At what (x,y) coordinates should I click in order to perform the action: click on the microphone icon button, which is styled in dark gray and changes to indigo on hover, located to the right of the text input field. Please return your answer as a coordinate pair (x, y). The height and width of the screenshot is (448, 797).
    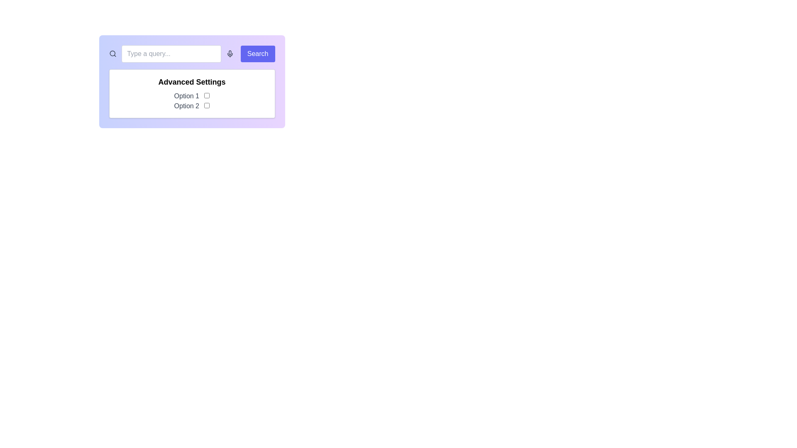
    Looking at the image, I should click on (230, 54).